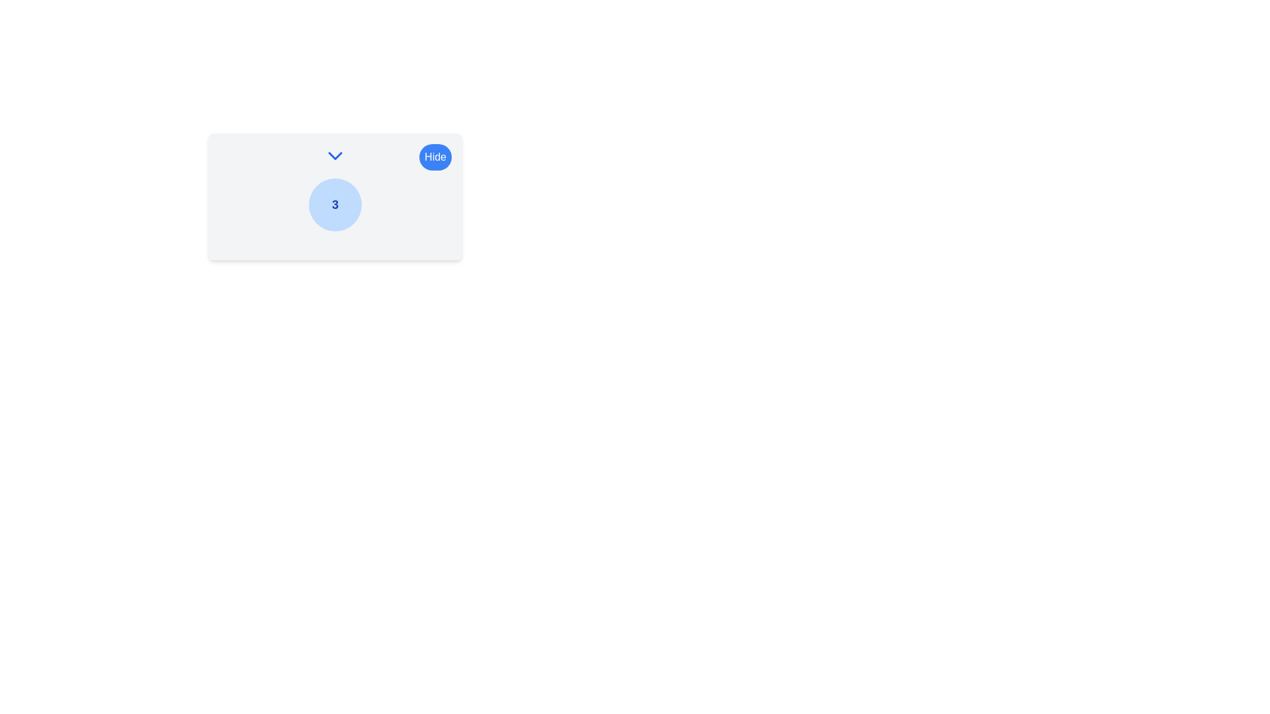 The image size is (1270, 714). What do you see at coordinates (335, 204) in the screenshot?
I see `the circular badge or marker displaying the numeral '3', which is centrally located beneath a downward-pointing arrow icon` at bounding box center [335, 204].